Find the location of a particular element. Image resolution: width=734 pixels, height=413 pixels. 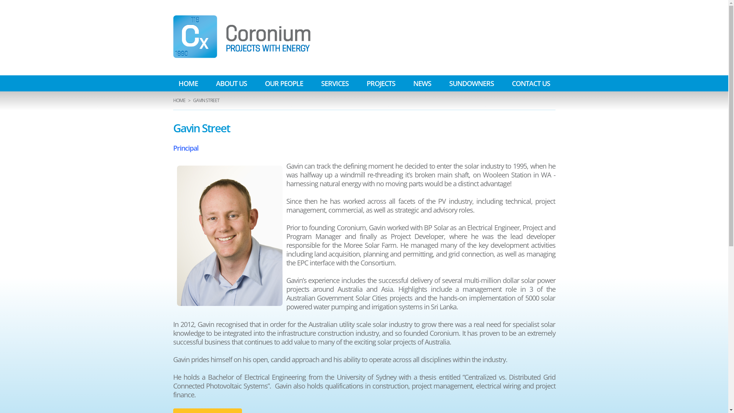

'HOME' is located at coordinates (188, 83).